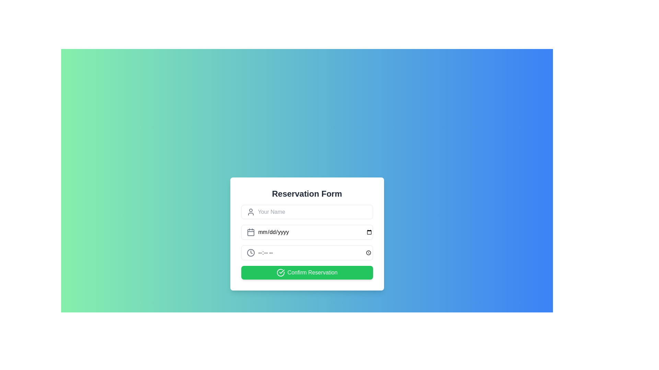  Describe the element at coordinates (250, 252) in the screenshot. I see `the time input field icon located at the far left of the time input field, which serves as a visual indicator for selecting or entering time values` at that location.